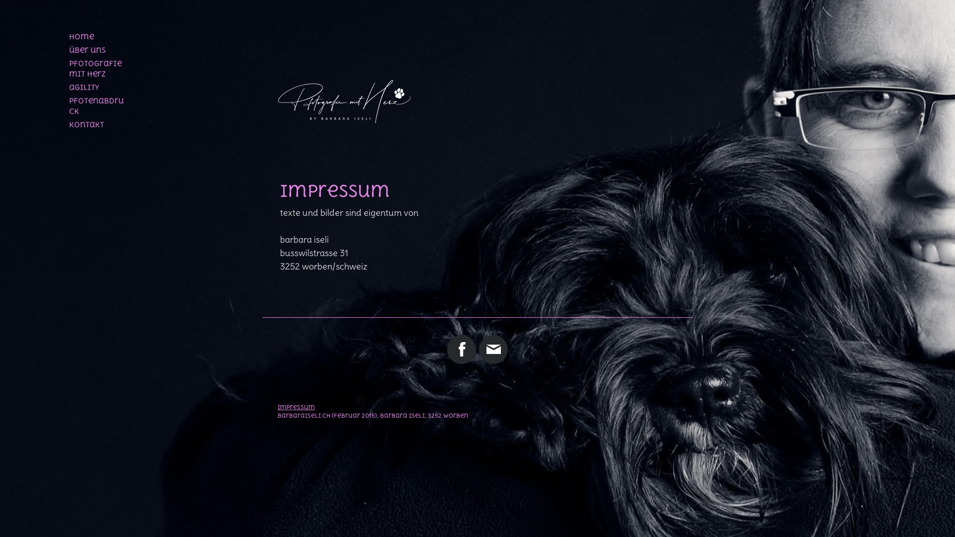  Describe the element at coordinates (59, 36) in the screenshot. I see `'home'` at that location.